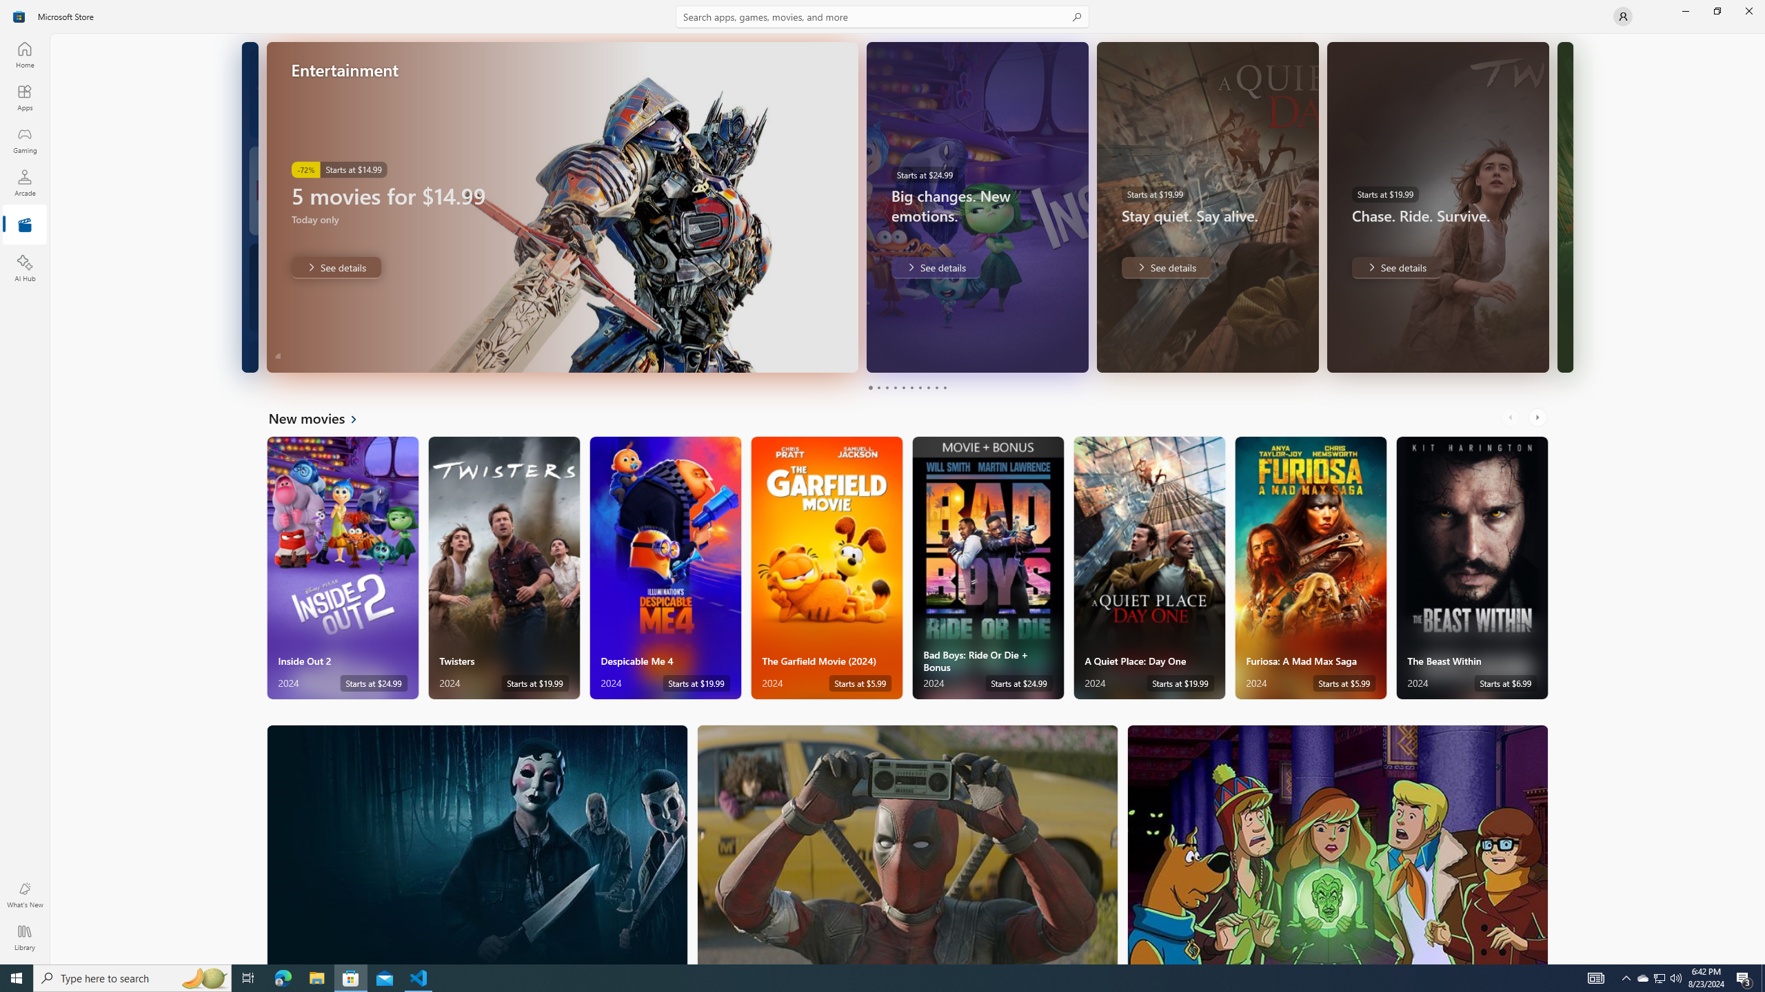  Describe the element at coordinates (1511, 417) in the screenshot. I see `'AutomationID: LeftScrollButton'` at that location.